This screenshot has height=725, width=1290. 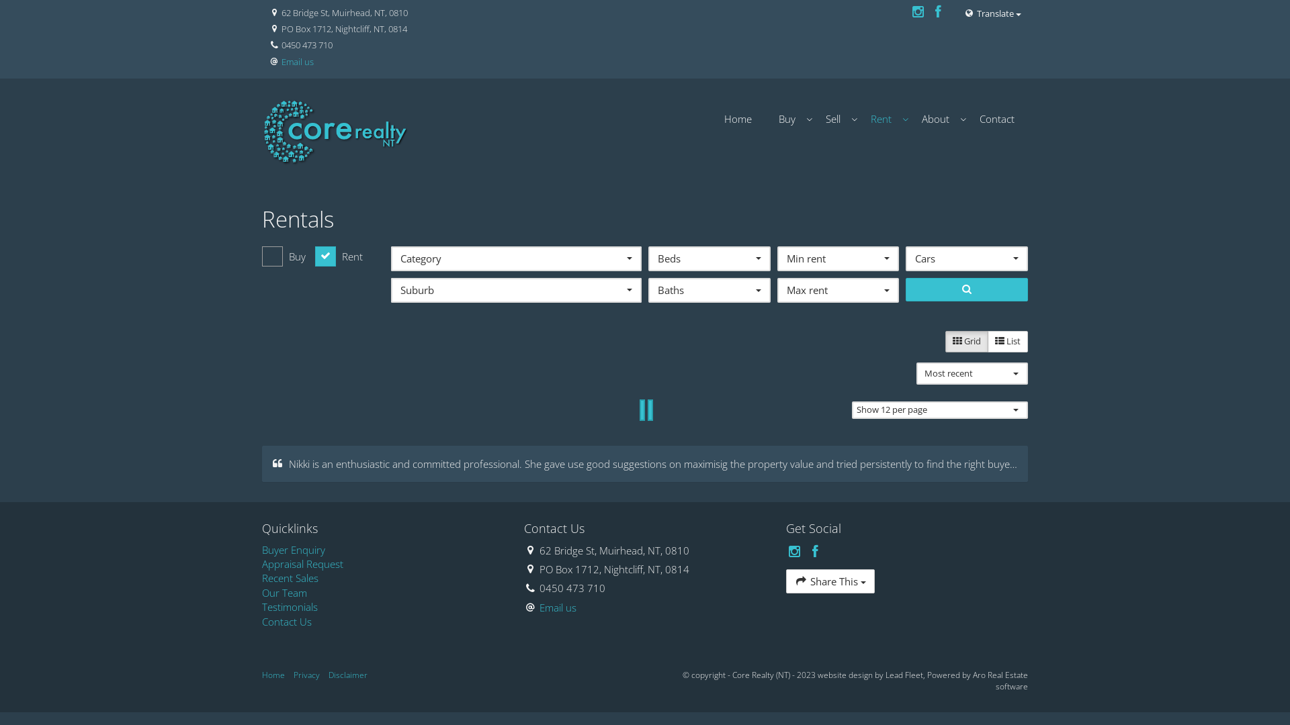 What do you see at coordinates (966, 258) in the screenshot?
I see `'Cars` at bounding box center [966, 258].